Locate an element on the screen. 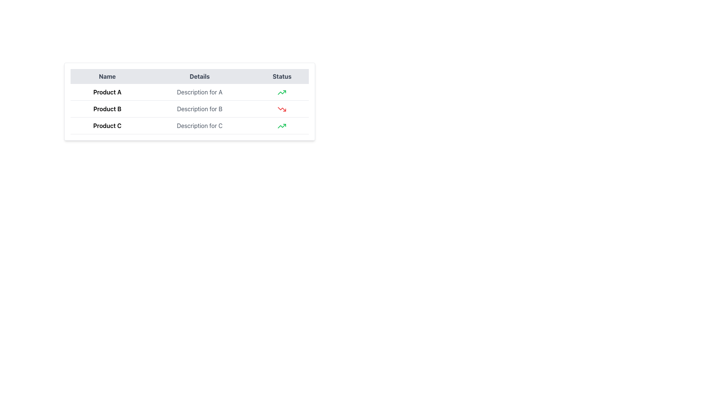 The height and width of the screenshot is (403, 717). negative trend icon located in the second row of the table under the 'Status' column for Product B is located at coordinates (282, 109).